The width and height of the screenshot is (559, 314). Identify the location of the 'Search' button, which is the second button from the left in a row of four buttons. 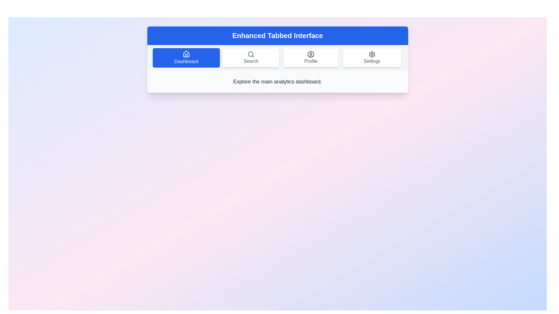
(251, 58).